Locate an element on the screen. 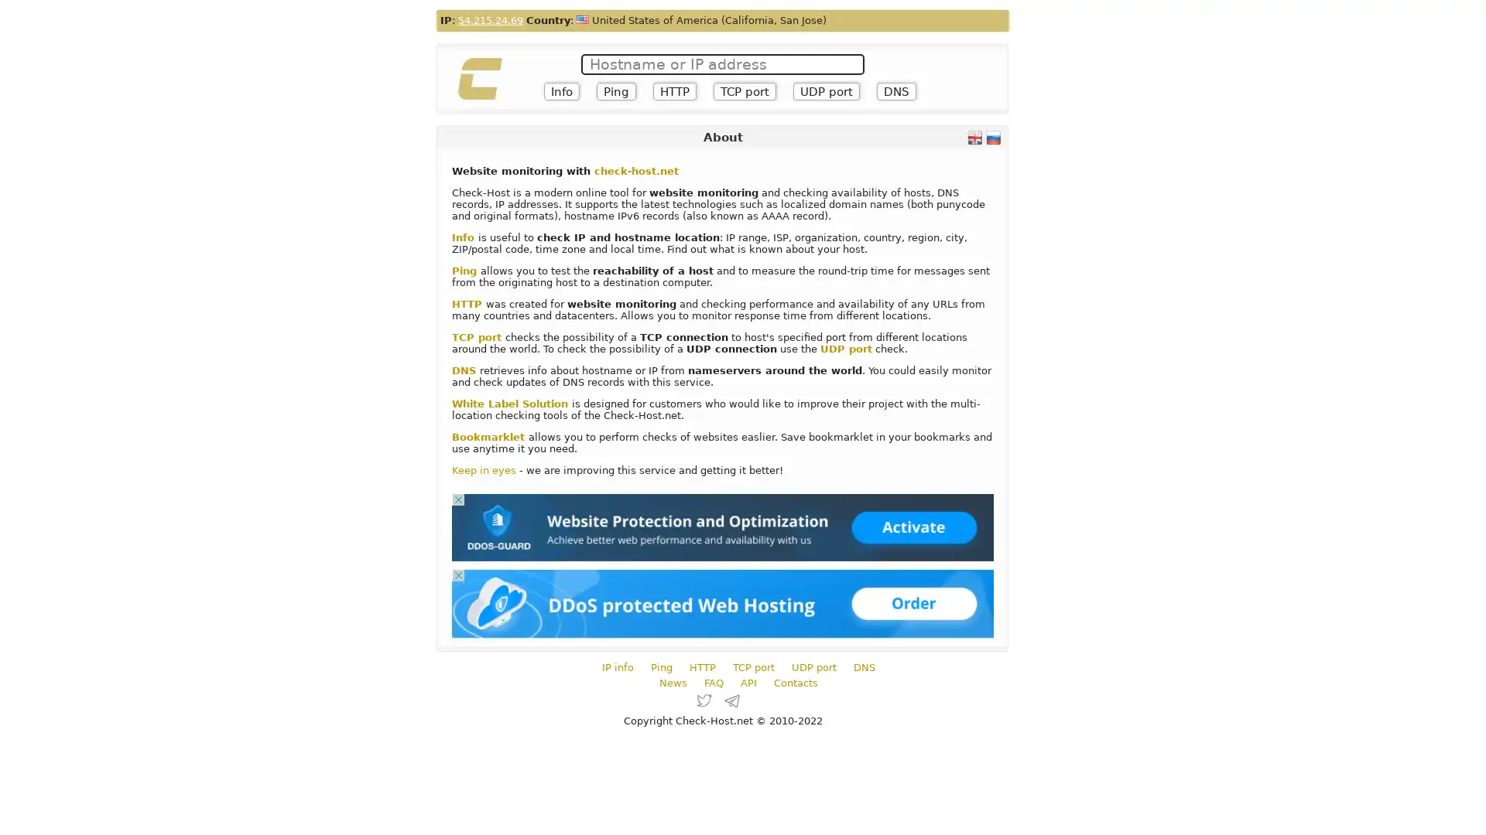  UDP port is located at coordinates (824, 91).